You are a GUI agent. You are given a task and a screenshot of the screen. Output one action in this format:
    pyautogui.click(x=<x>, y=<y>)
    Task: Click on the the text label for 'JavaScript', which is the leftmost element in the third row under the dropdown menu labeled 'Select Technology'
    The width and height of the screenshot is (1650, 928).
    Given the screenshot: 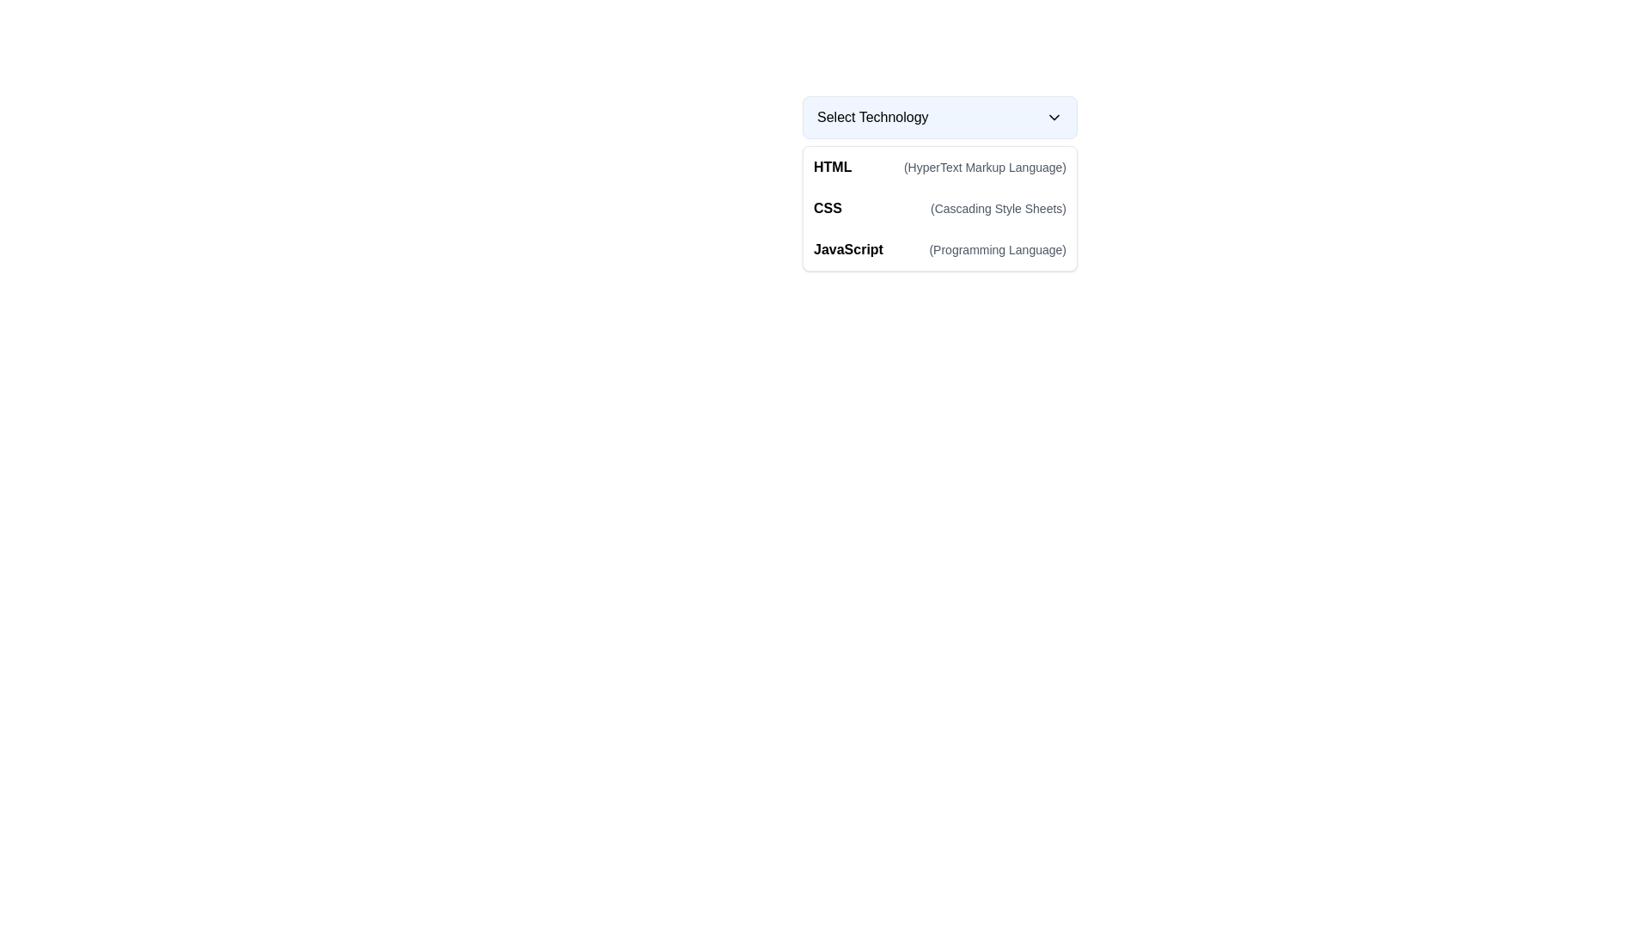 What is the action you would take?
    pyautogui.click(x=848, y=249)
    